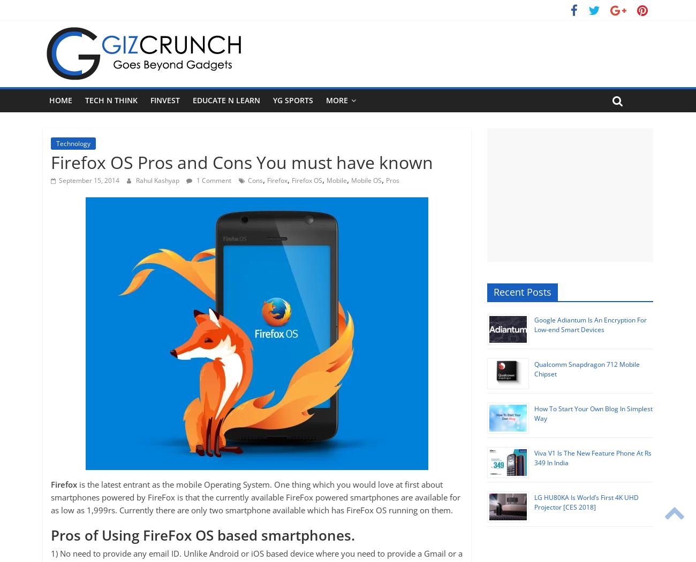 This screenshot has height=562, width=696. Describe the element at coordinates (306, 180) in the screenshot. I see `'Firefox OS'` at that location.